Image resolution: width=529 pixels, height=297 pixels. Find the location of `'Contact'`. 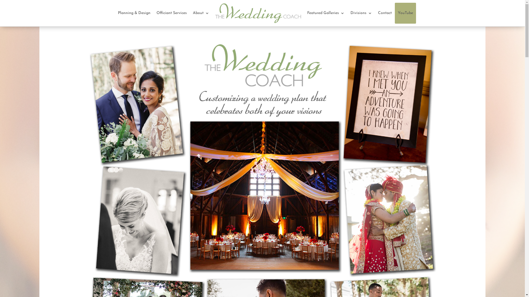

'Contact' is located at coordinates (384, 13).